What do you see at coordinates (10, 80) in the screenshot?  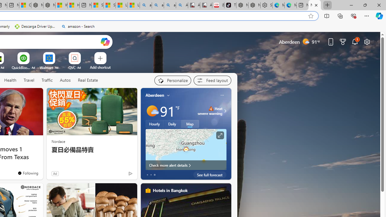 I see `'Health'` at bounding box center [10, 80].